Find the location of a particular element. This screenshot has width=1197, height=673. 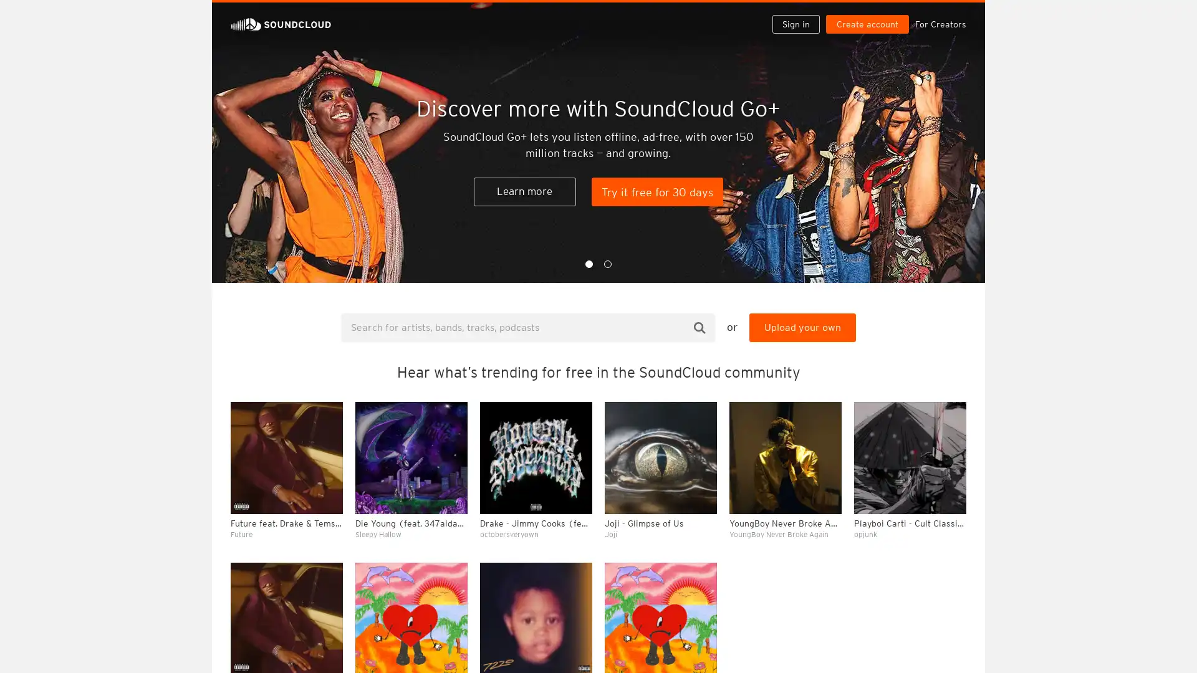

Search is located at coordinates (699, 327).